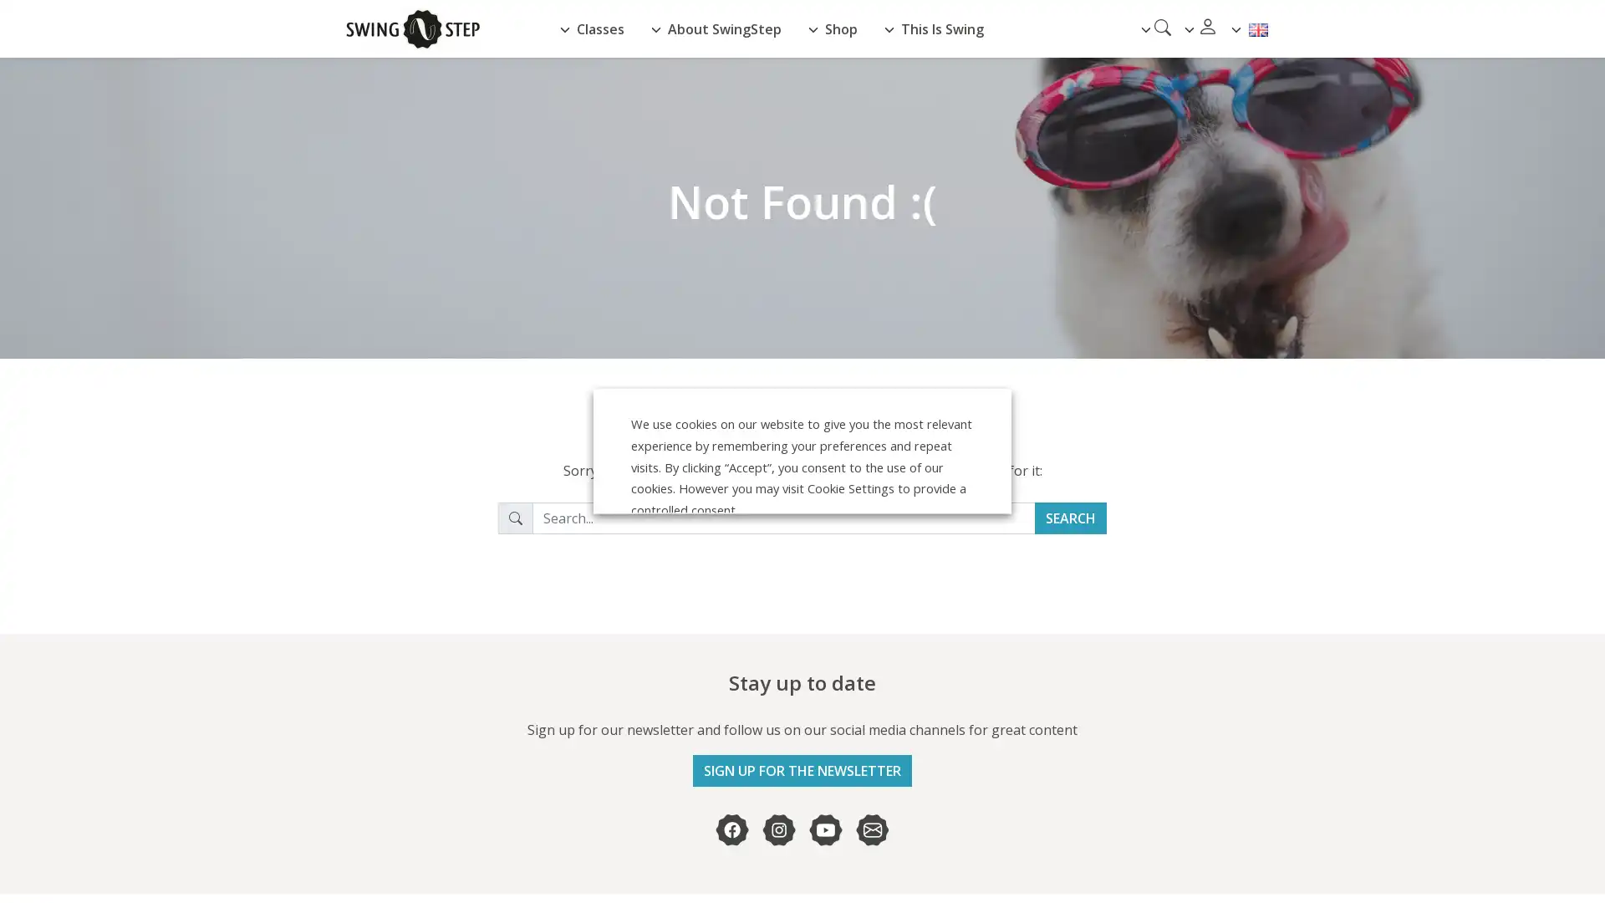  What do you see at coordinates (1071, 518) in the screenshot?
I see `Search` at bounding box center [1071, 518].